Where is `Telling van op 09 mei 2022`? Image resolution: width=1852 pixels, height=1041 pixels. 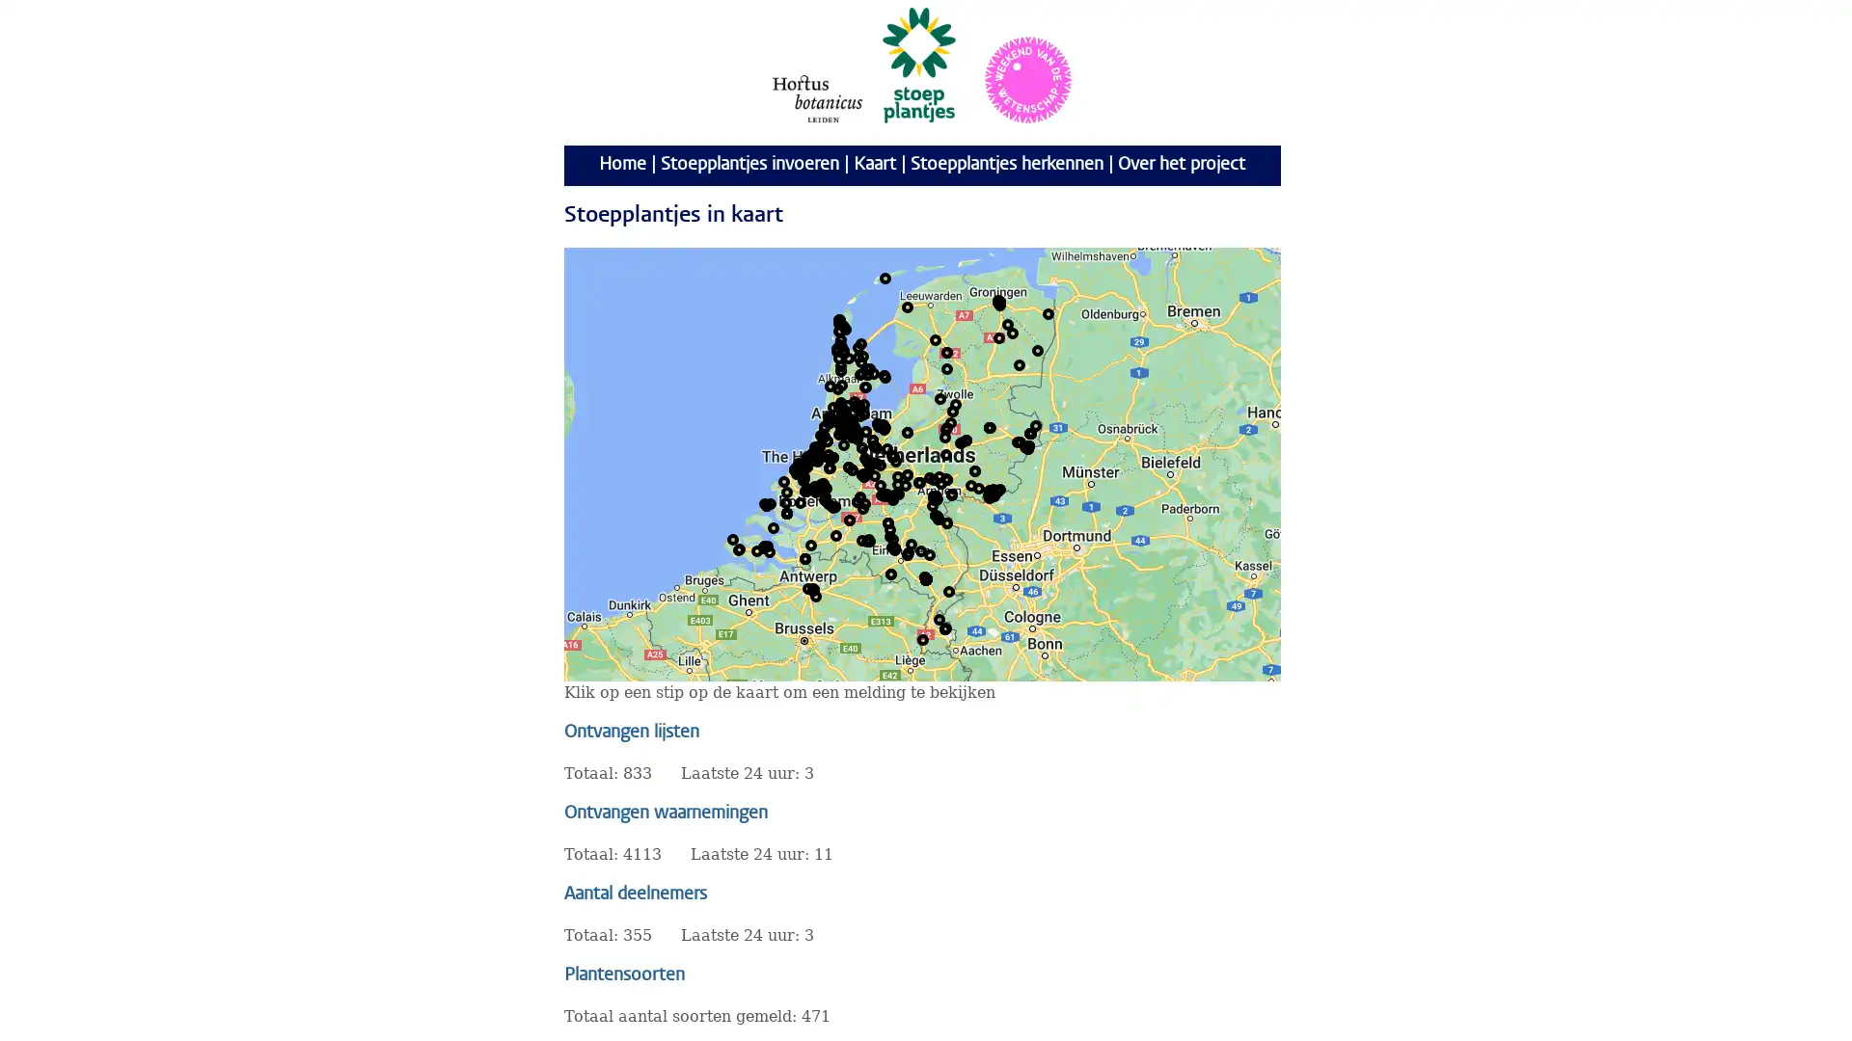 Telling van op 09 mei 2022 is located at coordinates (940, 482).